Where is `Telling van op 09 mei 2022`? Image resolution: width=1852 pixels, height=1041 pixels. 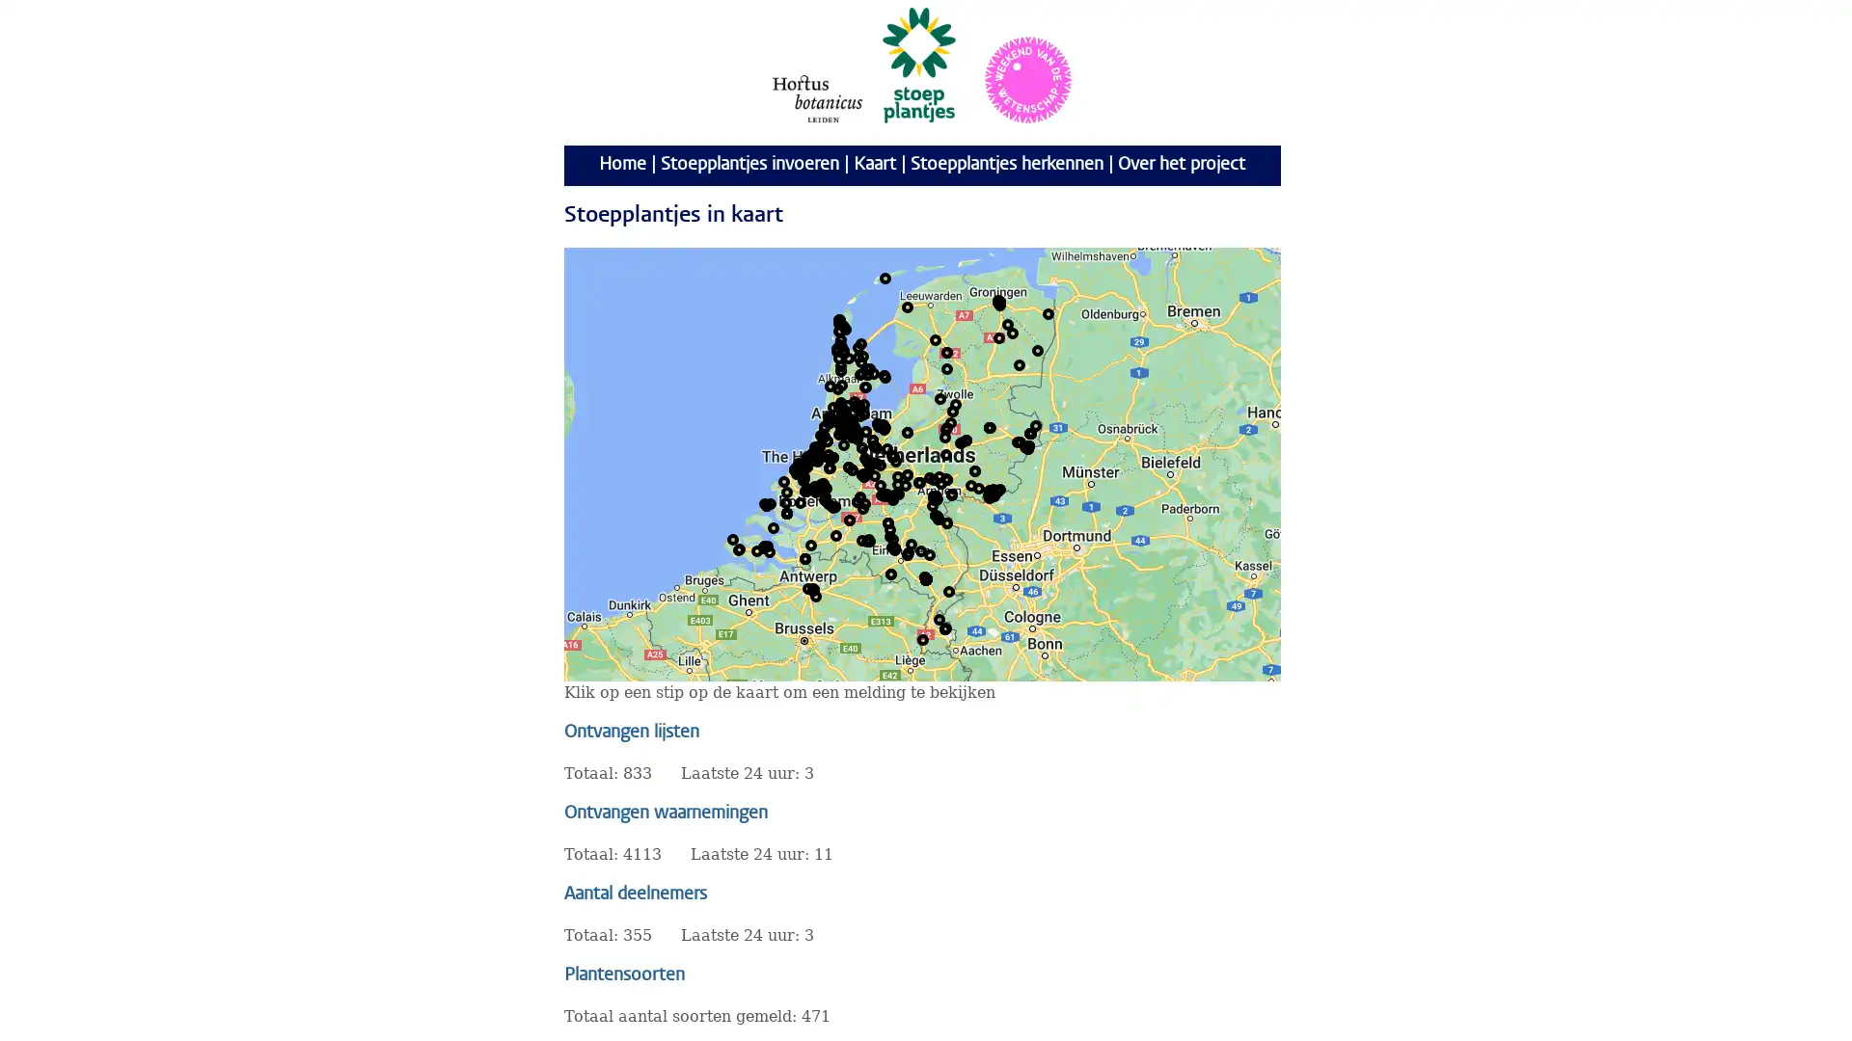 Telling van op 09 mei 2022 is located at coordinates (940, 482).